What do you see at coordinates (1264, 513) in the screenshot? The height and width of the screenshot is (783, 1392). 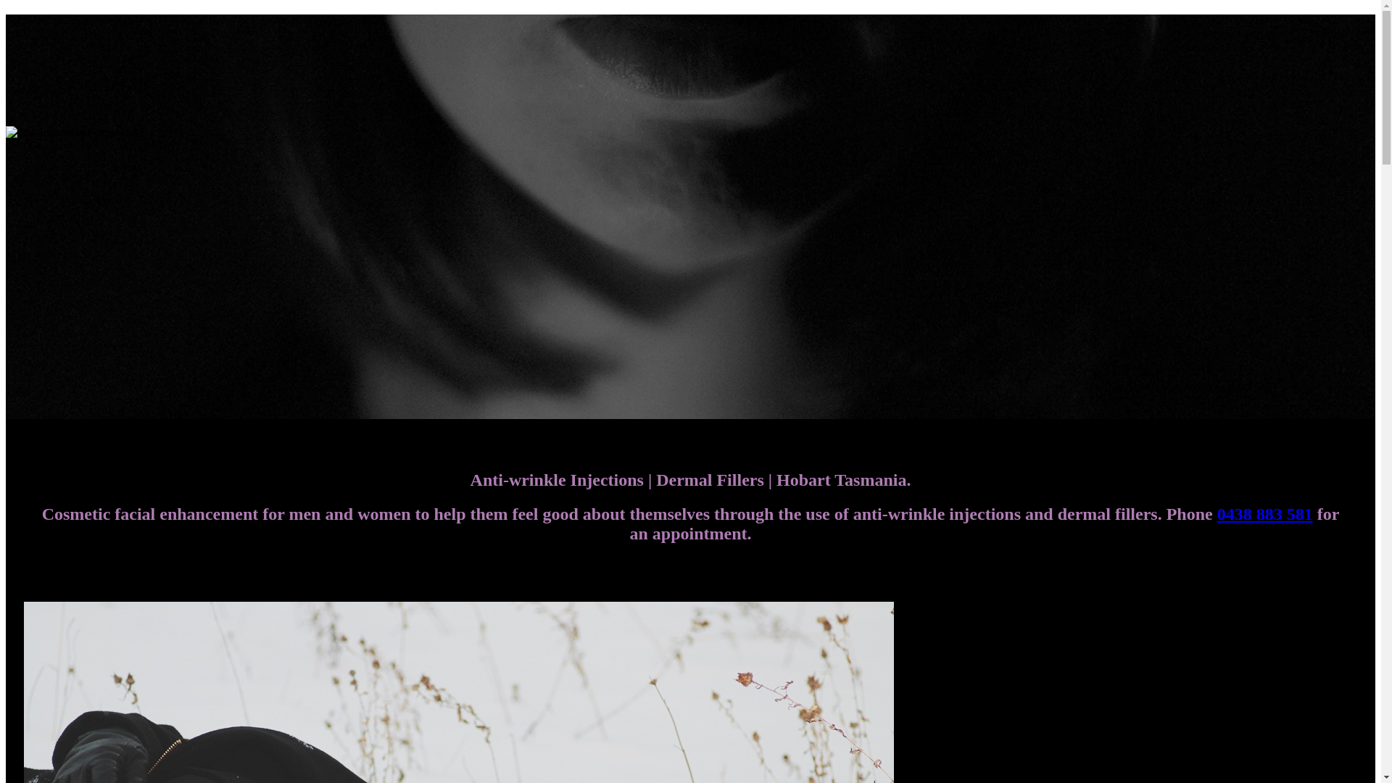 I see `'0438 883 581'` at bounding box center [1264, 513].